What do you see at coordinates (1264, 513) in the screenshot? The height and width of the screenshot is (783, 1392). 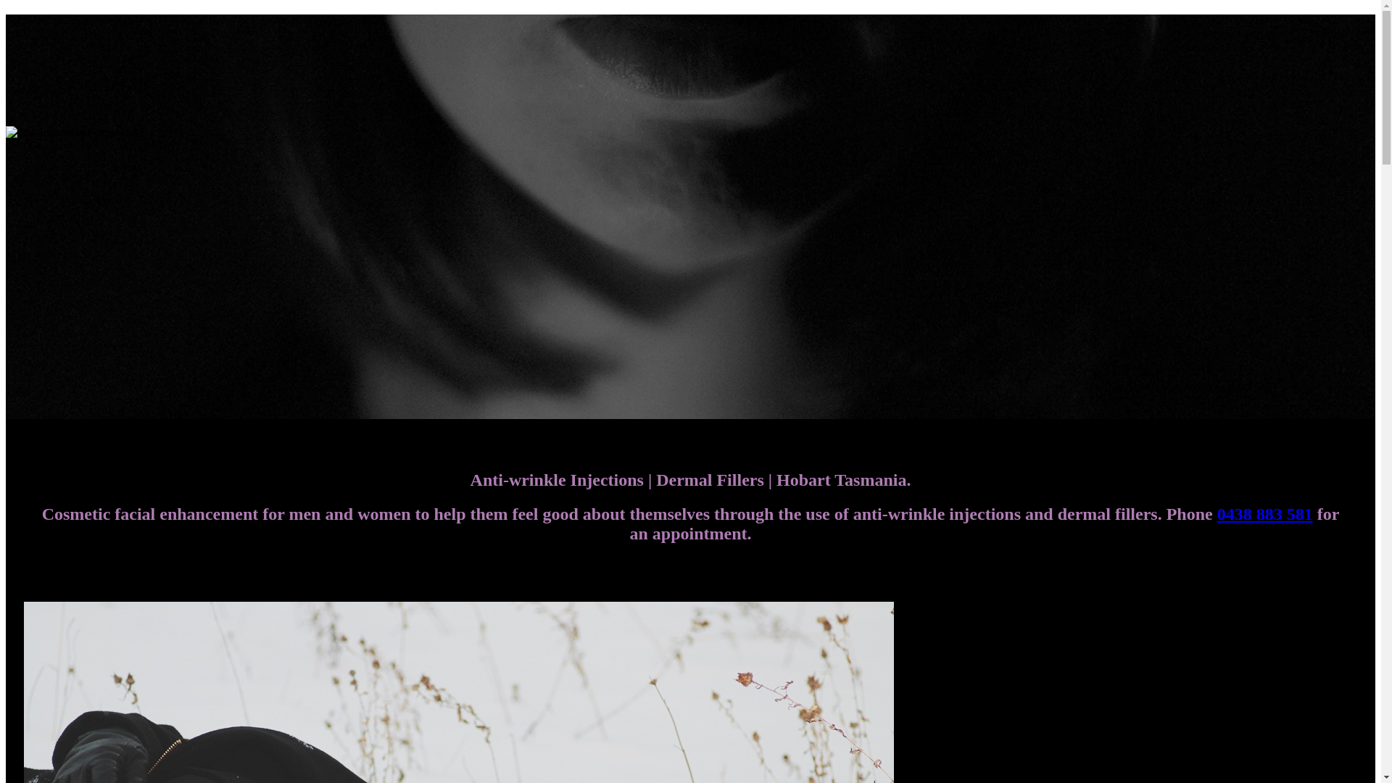 I see `'0438 883 581'` at bounding box center [1264, 513].